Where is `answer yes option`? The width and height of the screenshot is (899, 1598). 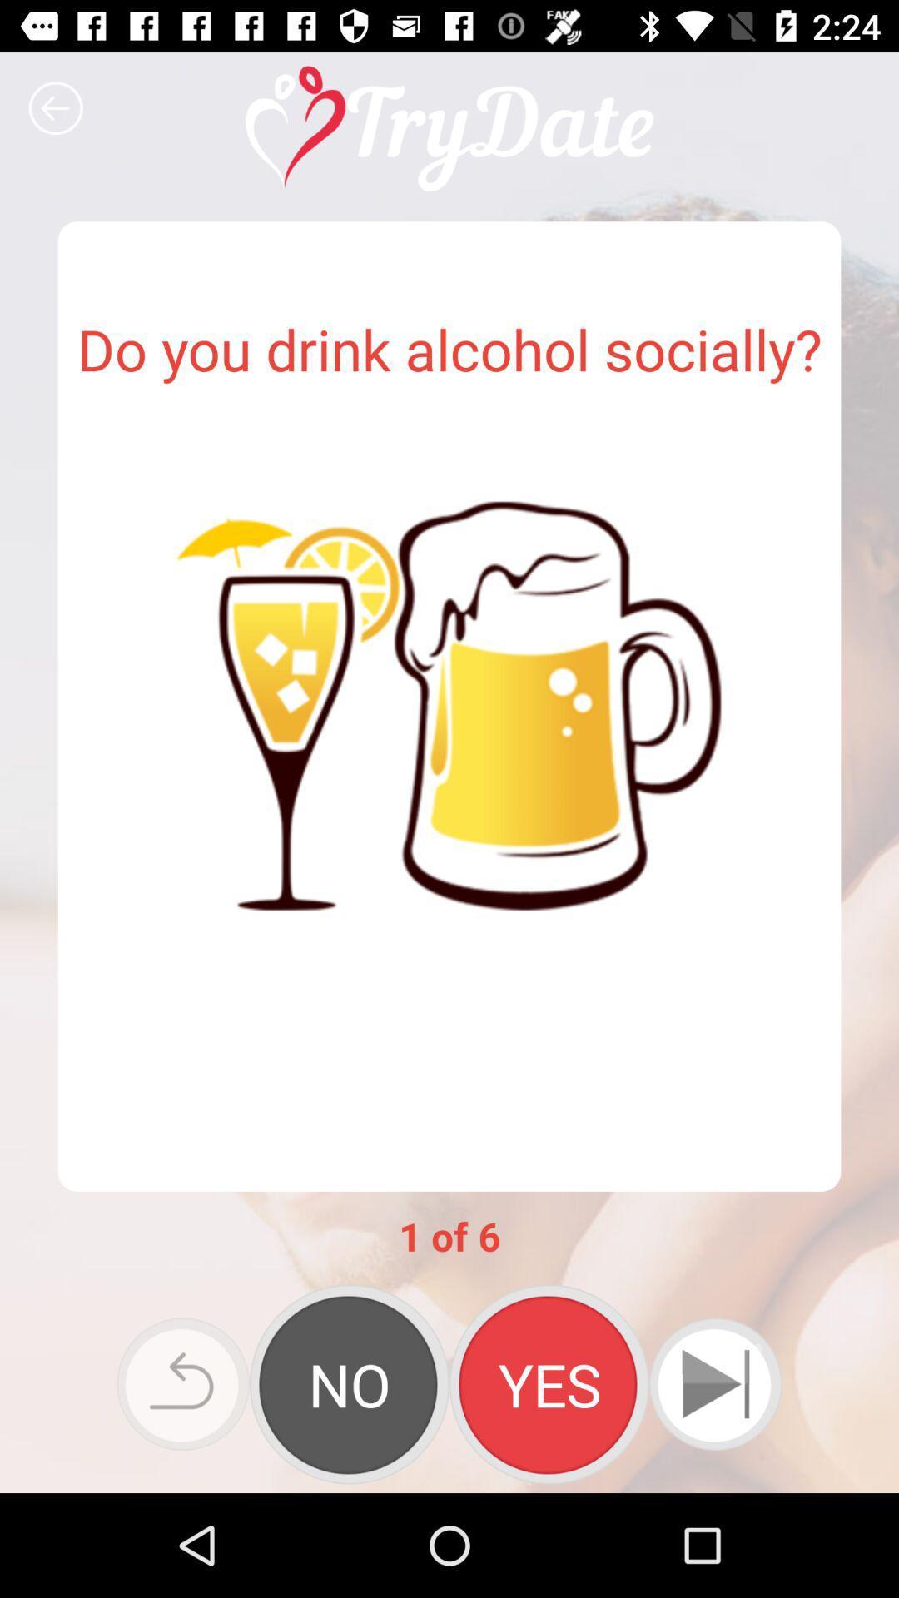 answer yes option is located at coordinates (549, 1384).